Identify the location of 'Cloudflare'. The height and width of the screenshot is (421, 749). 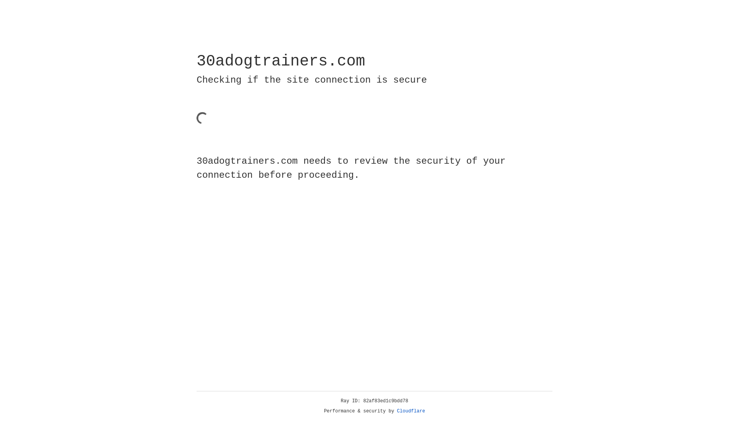
(411, 411).